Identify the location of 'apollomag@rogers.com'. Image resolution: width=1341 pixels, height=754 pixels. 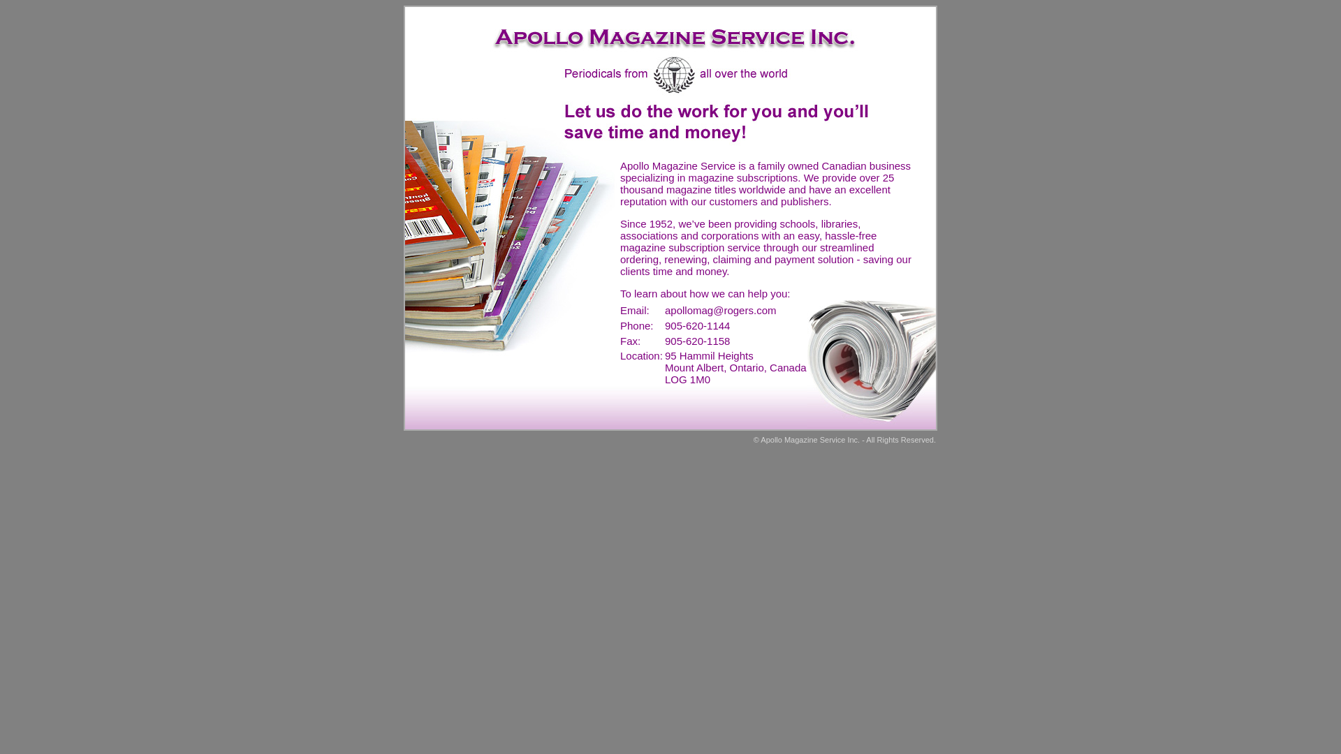
(720, 309).